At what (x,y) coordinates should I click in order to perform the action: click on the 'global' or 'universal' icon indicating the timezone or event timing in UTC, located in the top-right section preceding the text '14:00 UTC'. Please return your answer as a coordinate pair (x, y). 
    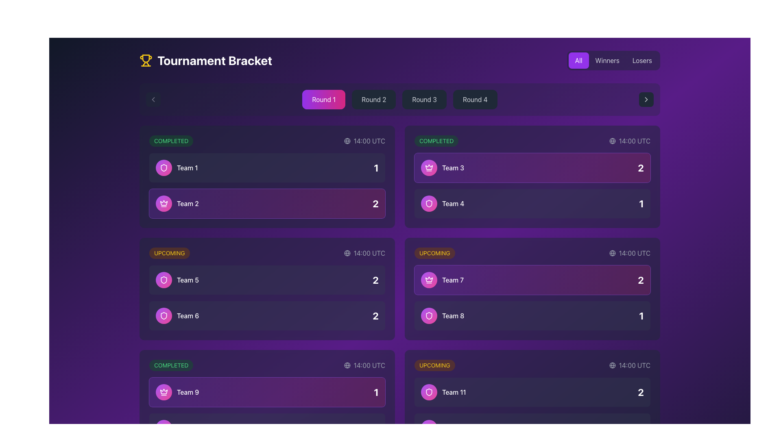
    Looking at the image, I should click on (612, 141).